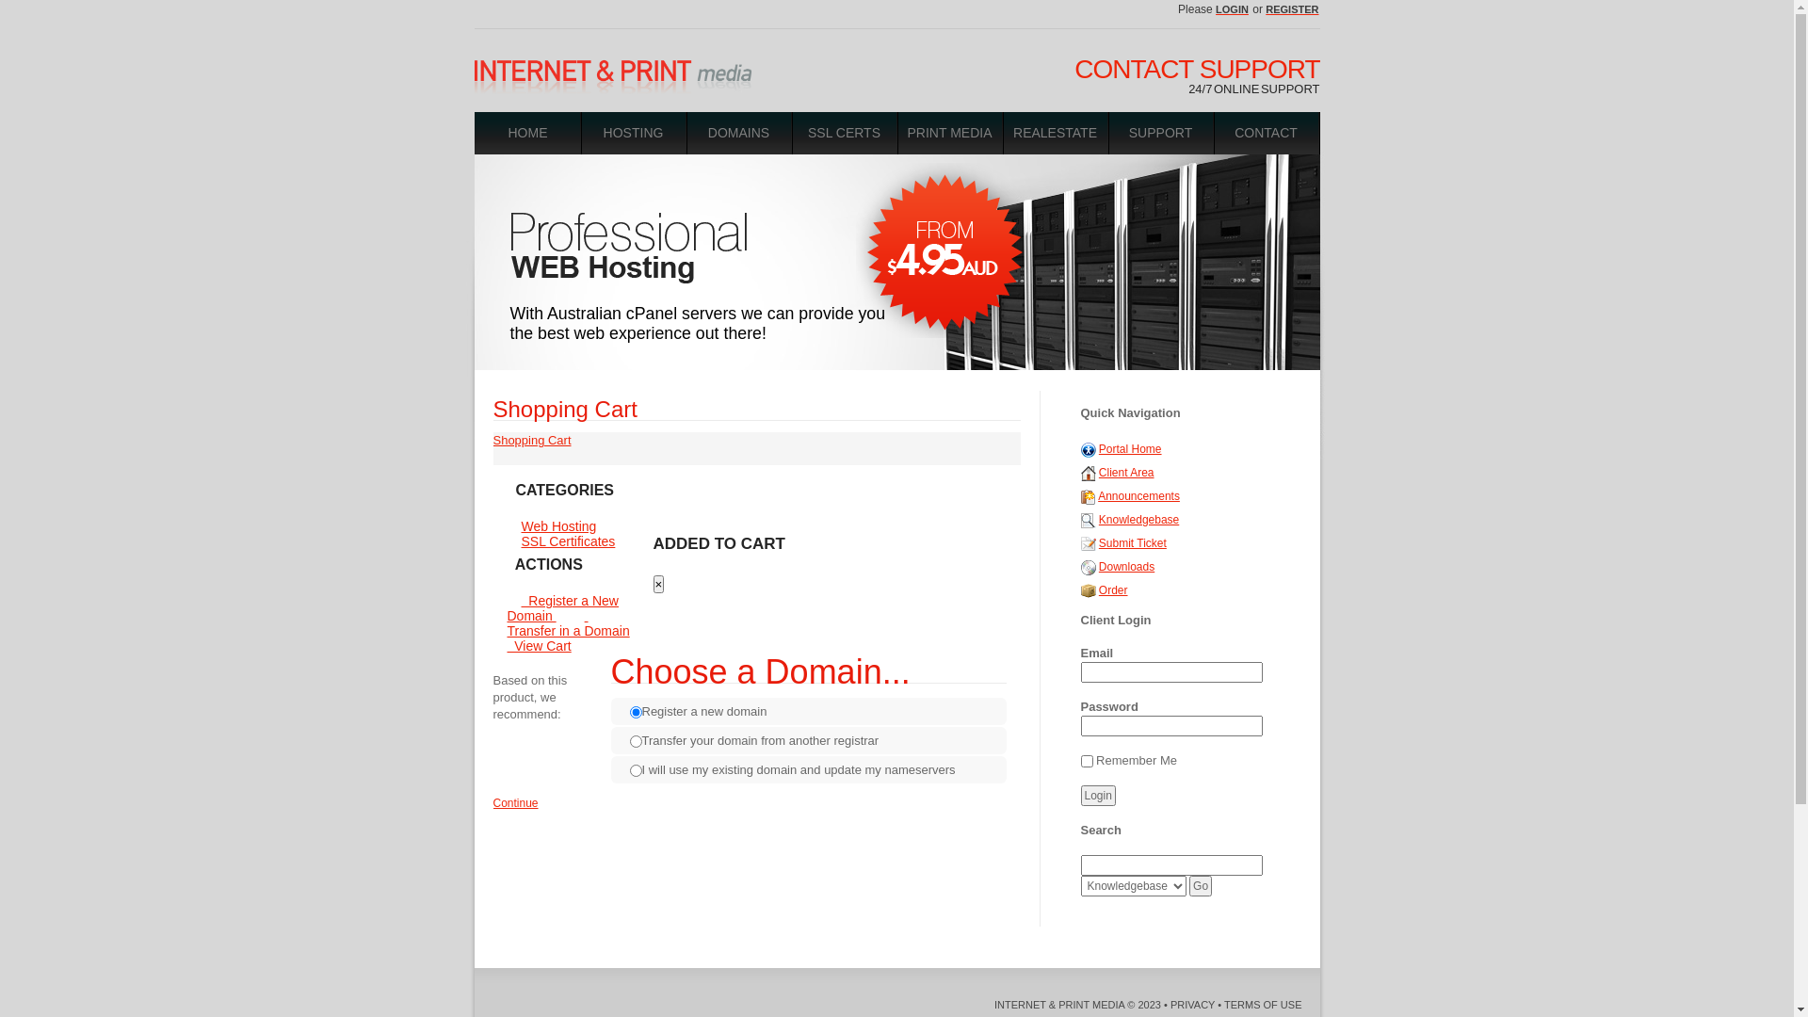 The height and width of the screenshot is (1017, 1808). Describe the element at coordinates (844, 132) in the screenshot. I see `'SSL CERTS'` at that location.